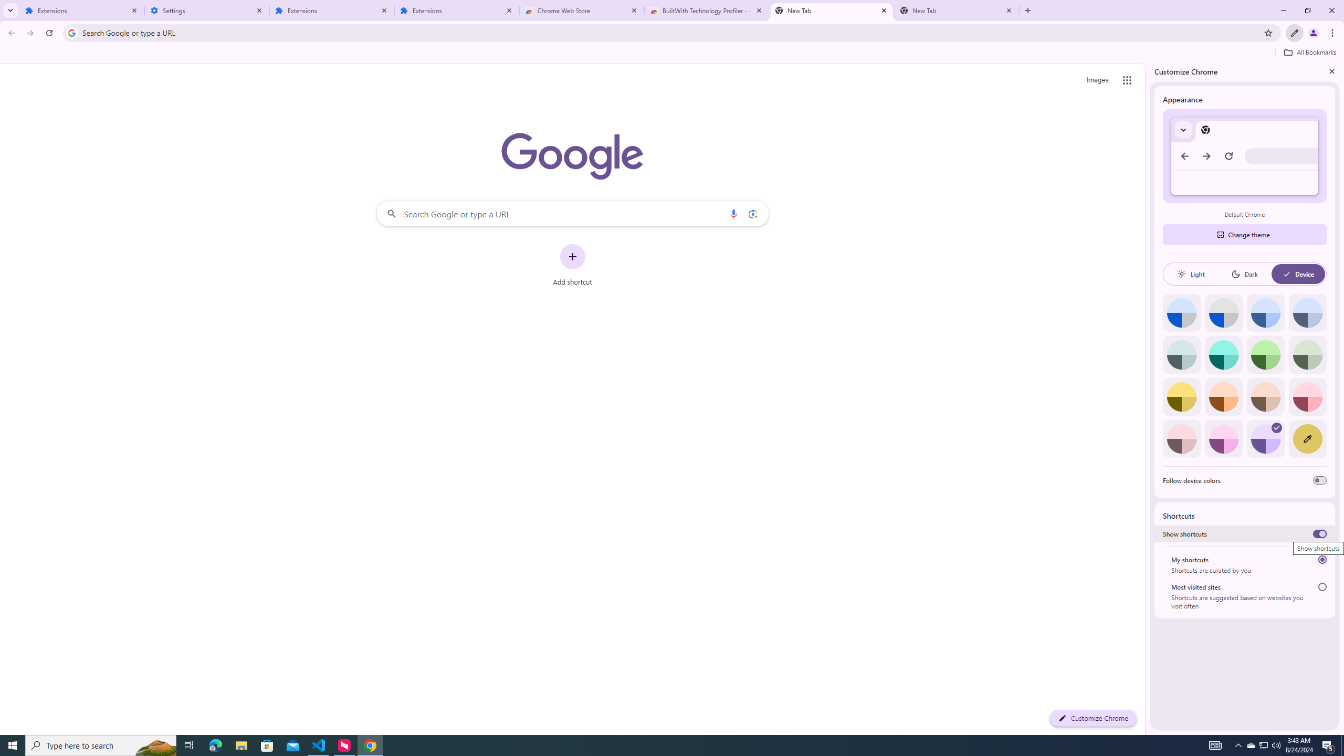 The width and height of the screenshot is (1344, 756). Describe the element at coordinates (1267, 32) in the screenshot. I see `'Bookmark this tab'` at that location.